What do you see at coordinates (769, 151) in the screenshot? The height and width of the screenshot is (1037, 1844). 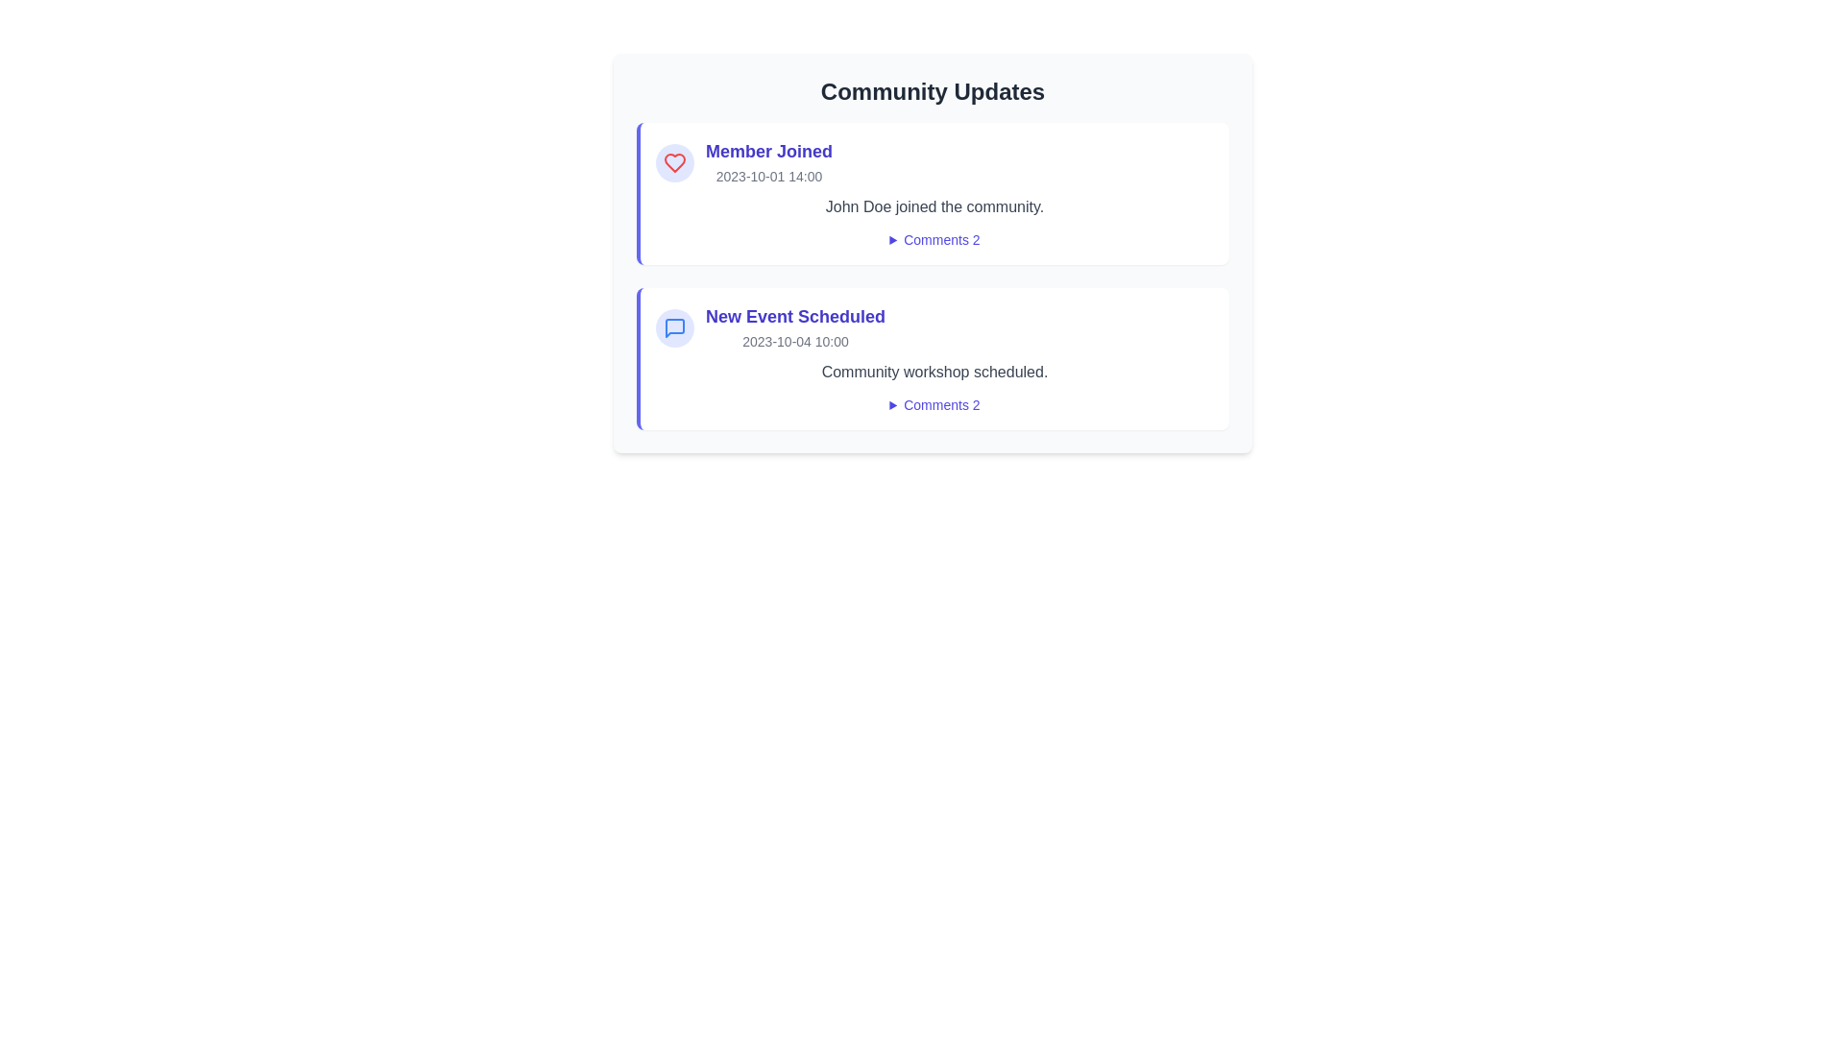 I see `the text label that serves as a header for the community update entry, summarizing the update about a new member joining the community` at bounding box center [769, 151].